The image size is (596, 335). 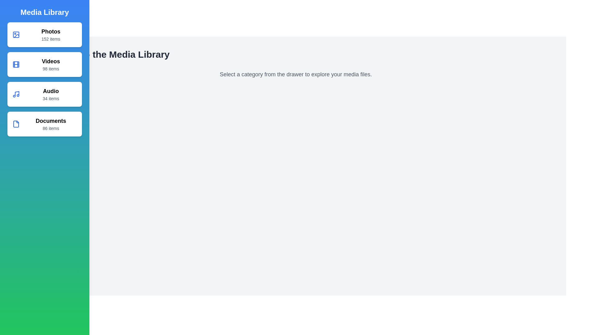 I want to click on the media category Photos from the list, so click(x=44, y=34).